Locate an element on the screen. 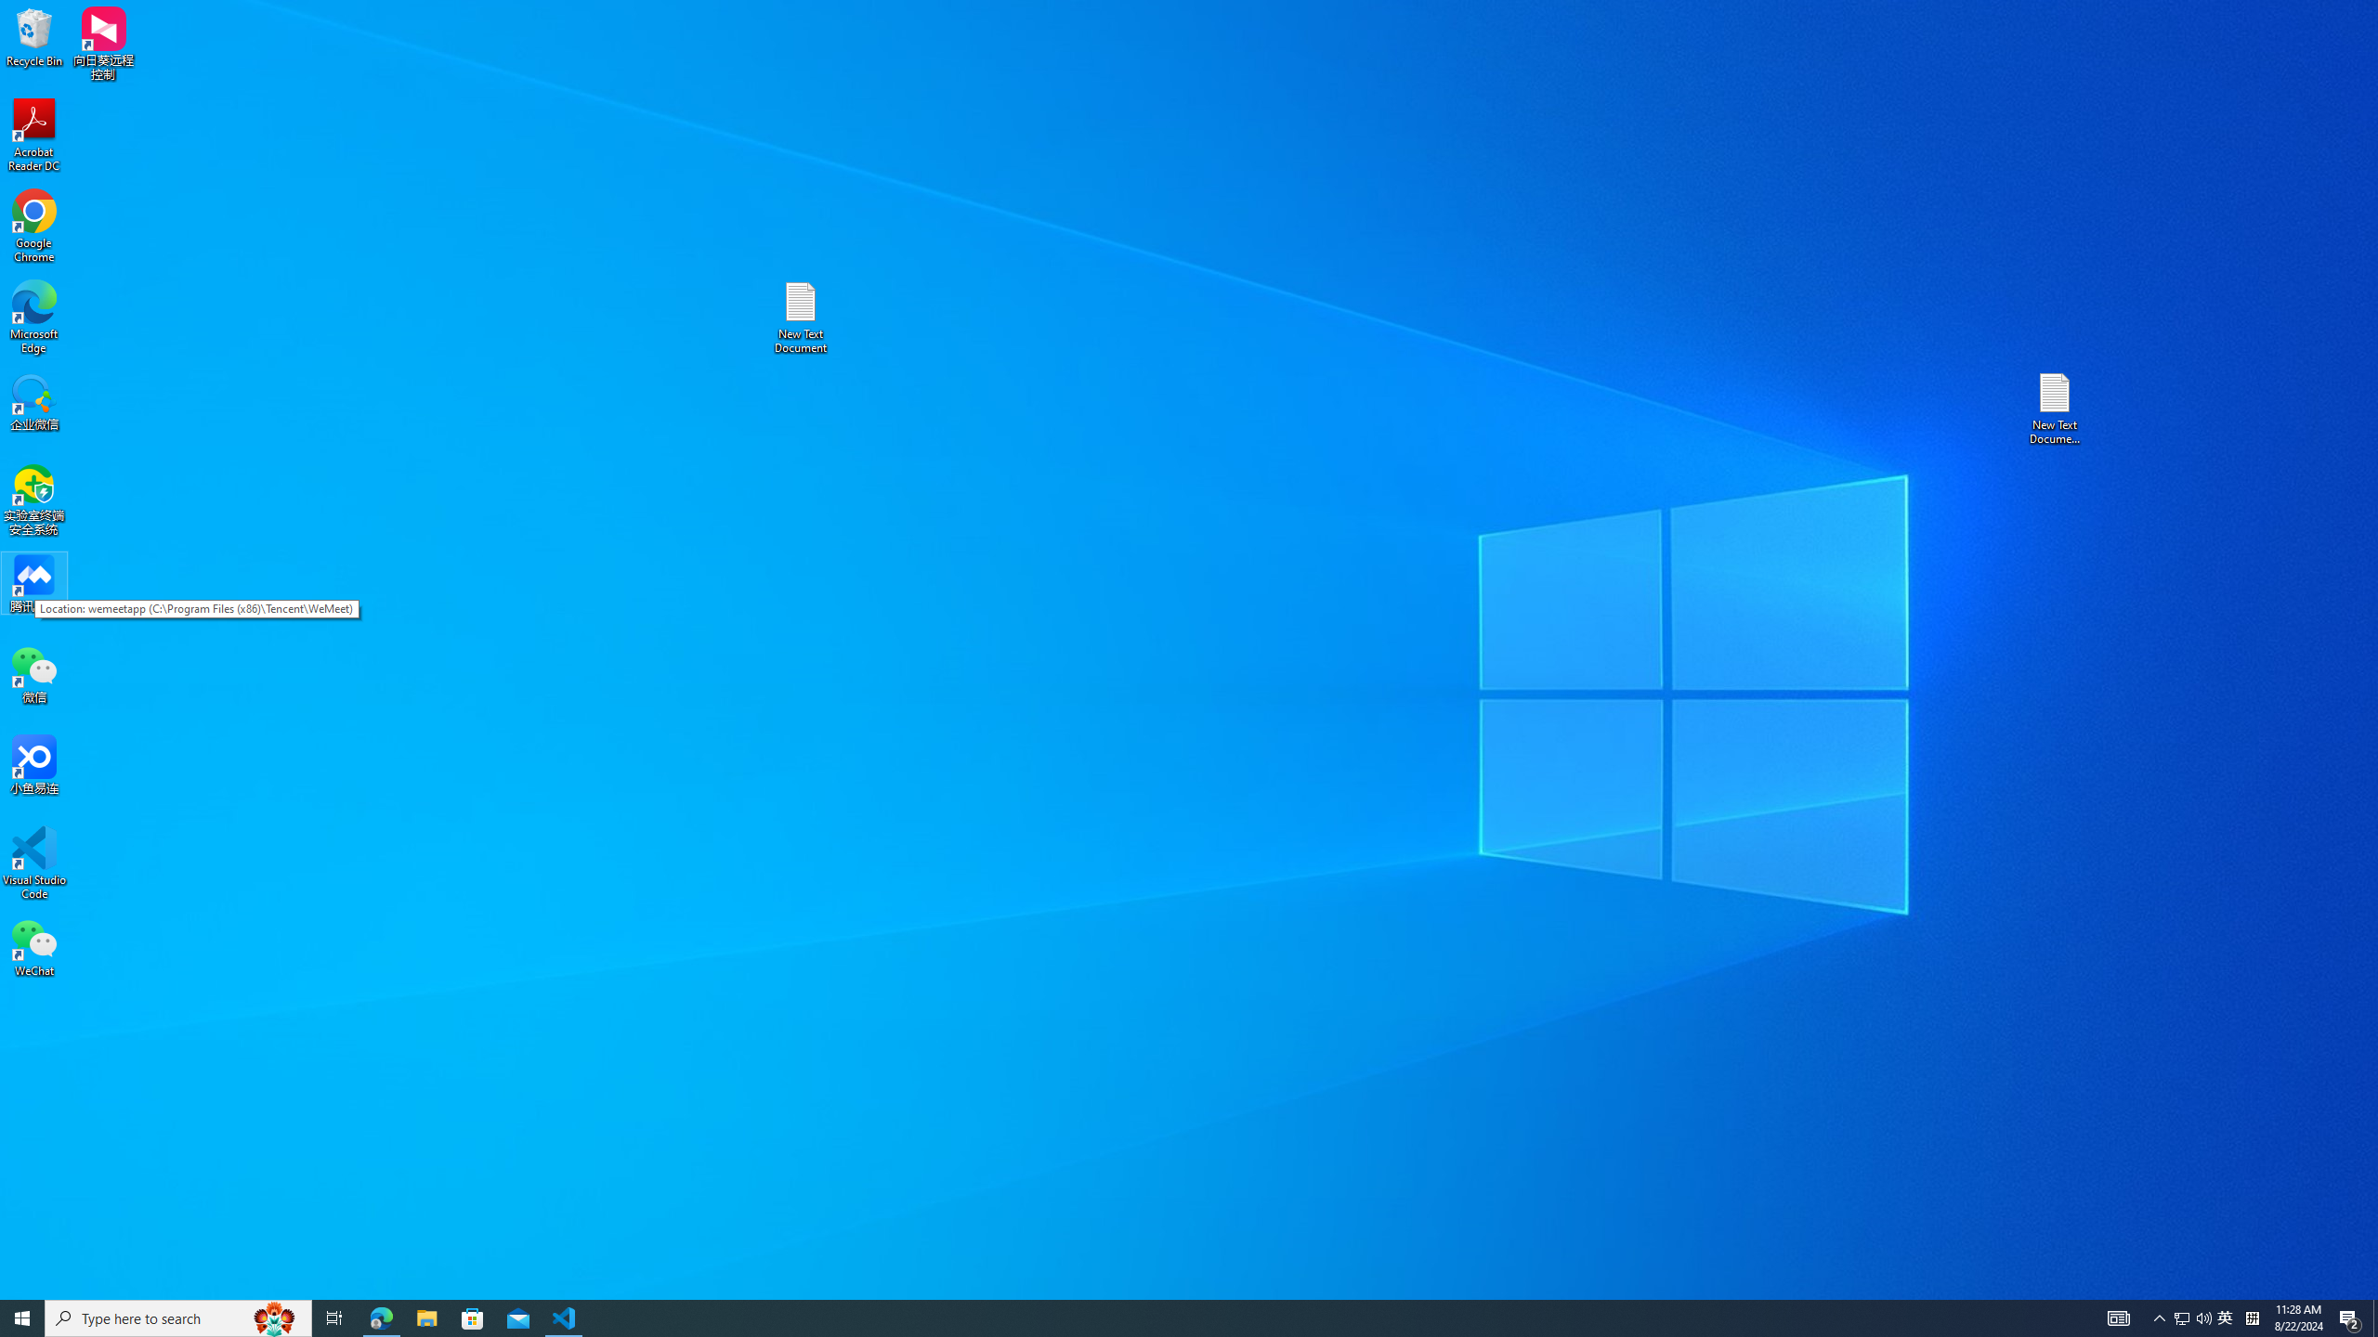  'Action Center, 2 new notifications' is located at coordinates (2350, 1317).